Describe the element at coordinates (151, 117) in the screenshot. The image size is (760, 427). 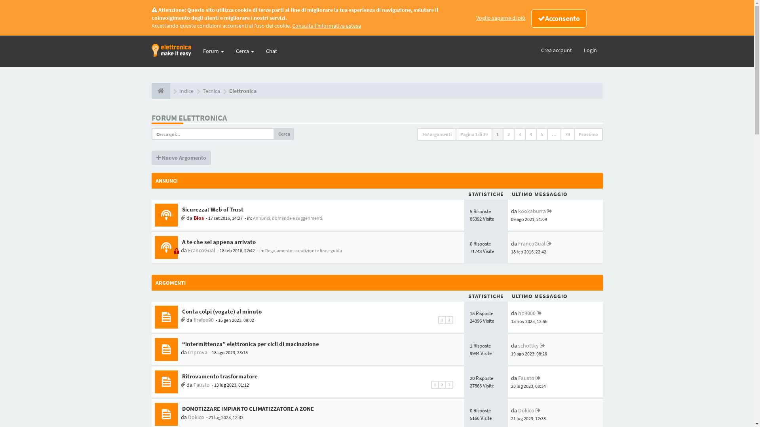
I see `'FORUM ELETTRONICA'` at that location.